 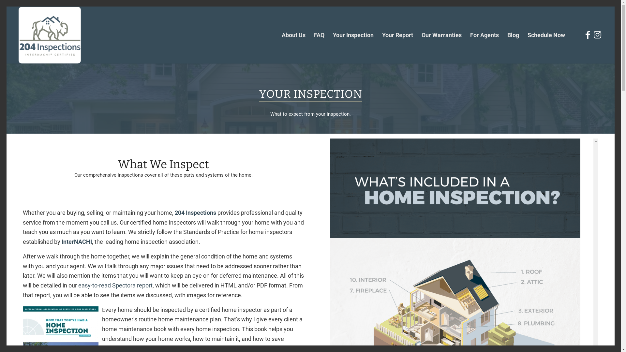 What do you see at coordinates (115, 285) in the screenshot?
I see `'easy-to-read Spectora report'` at bounding box center [115, 285].